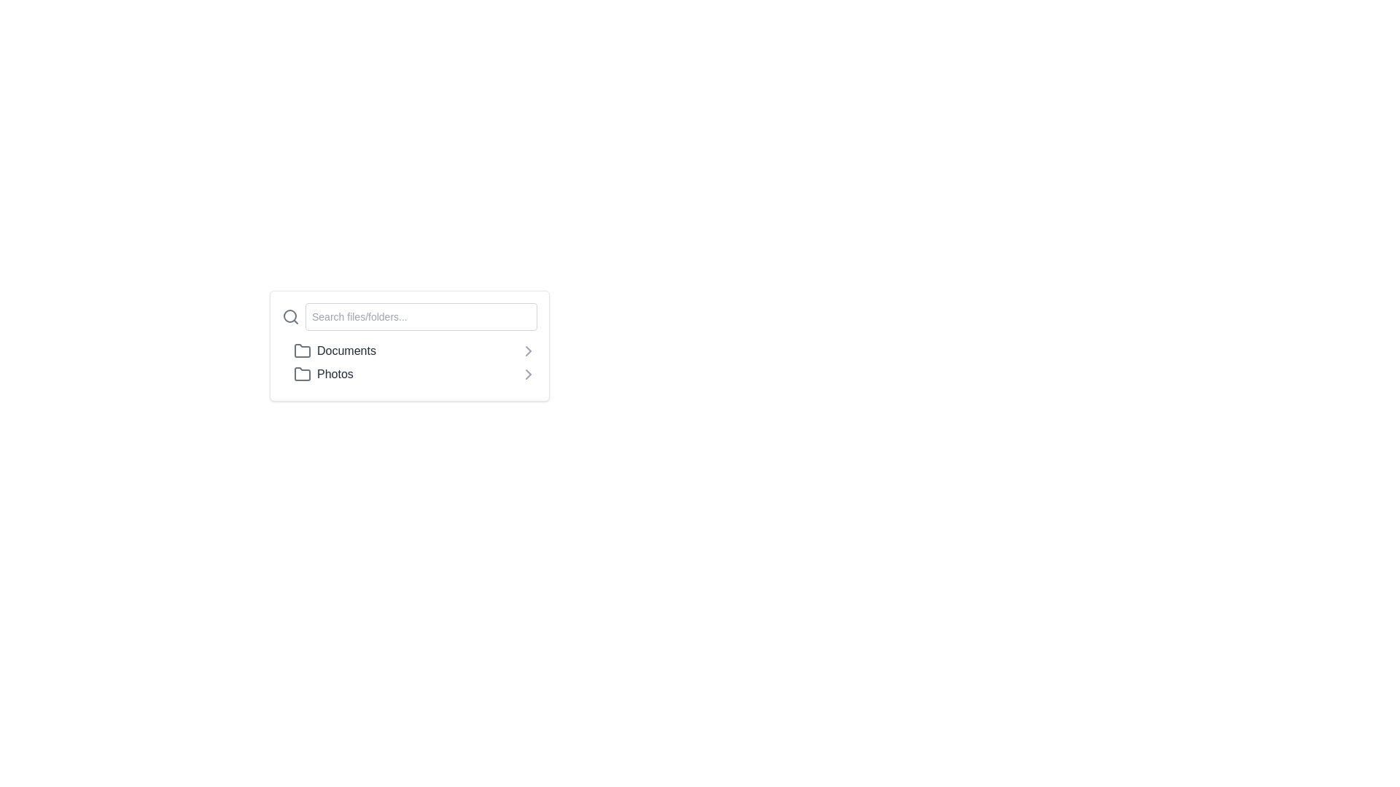  Describe the element at coordinates (527, 351) in the screenshot. I see `the triangular arrow icon indicating navigation to the right, located next to the 'Photos' list item in the file-navigation interface` at that location.